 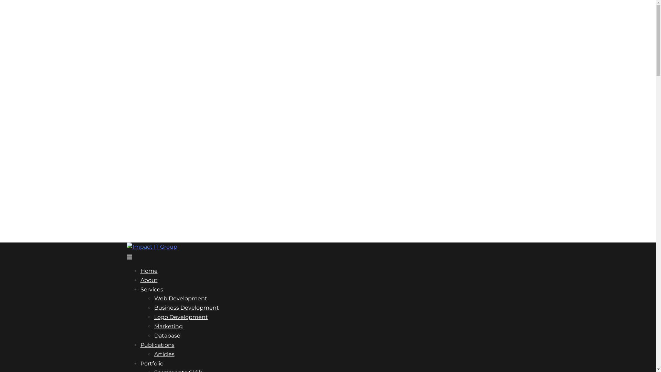 What do you see at coordinates (154, 326) in the screenshot?
I see `'Marketing'` at bounding box center [154, 326].